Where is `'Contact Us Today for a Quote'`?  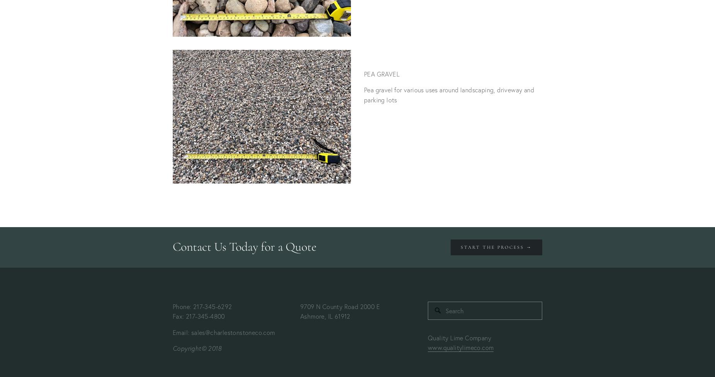
'Contact Us Today for a Quote' is located at coordinates (245, 246).